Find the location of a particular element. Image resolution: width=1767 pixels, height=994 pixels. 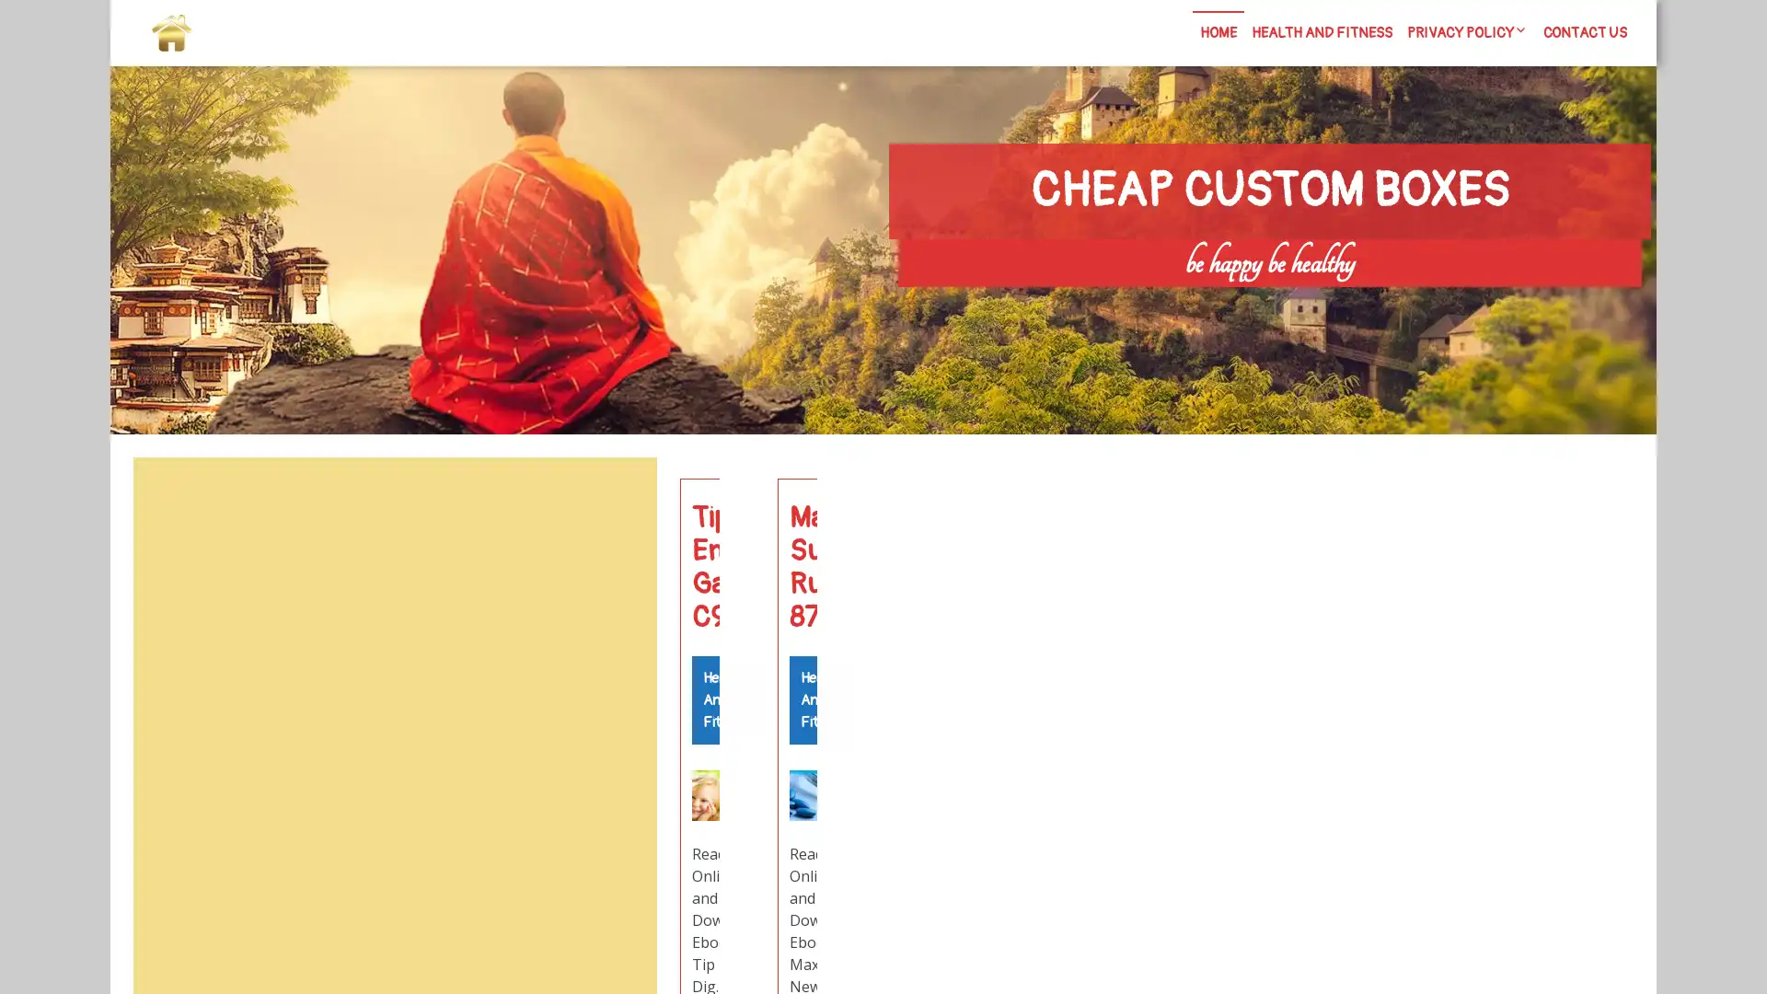

Search is located at coordinates (1433, 301).